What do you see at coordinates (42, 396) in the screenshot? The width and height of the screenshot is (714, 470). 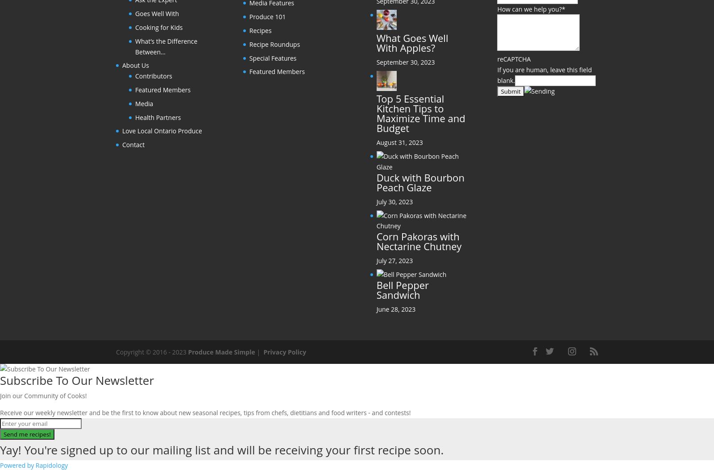 I see `'Join our Community of Cooks!'` at bounding box center [42, 396].